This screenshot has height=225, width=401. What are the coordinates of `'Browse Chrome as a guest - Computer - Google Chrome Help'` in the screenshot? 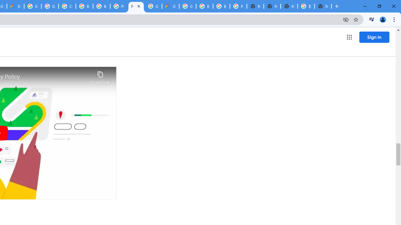 It's located at (84, 6).